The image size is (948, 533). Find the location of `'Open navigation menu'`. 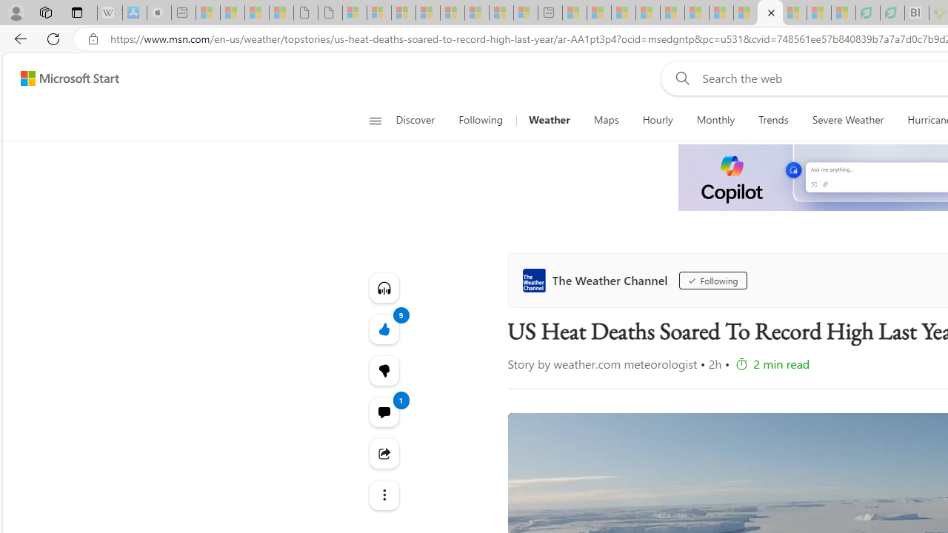

'Open navigation menu' is located at coordinates (375, 120).